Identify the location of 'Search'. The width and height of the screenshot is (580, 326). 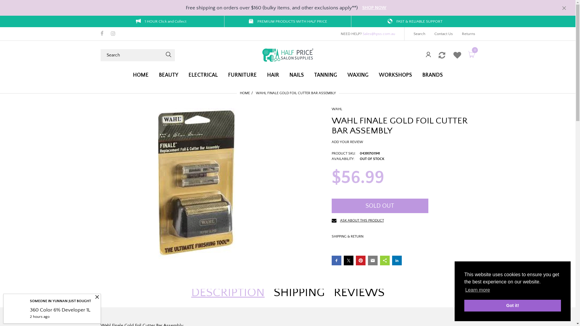
(419, 34).